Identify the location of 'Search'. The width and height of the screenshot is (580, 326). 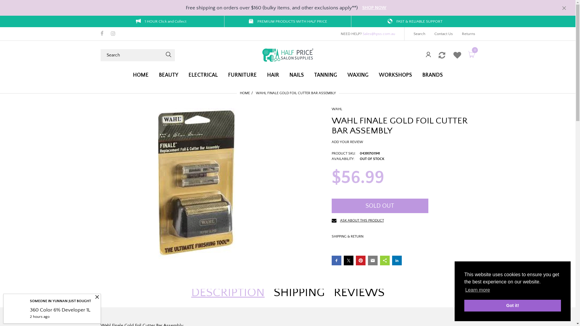
(419, 34).